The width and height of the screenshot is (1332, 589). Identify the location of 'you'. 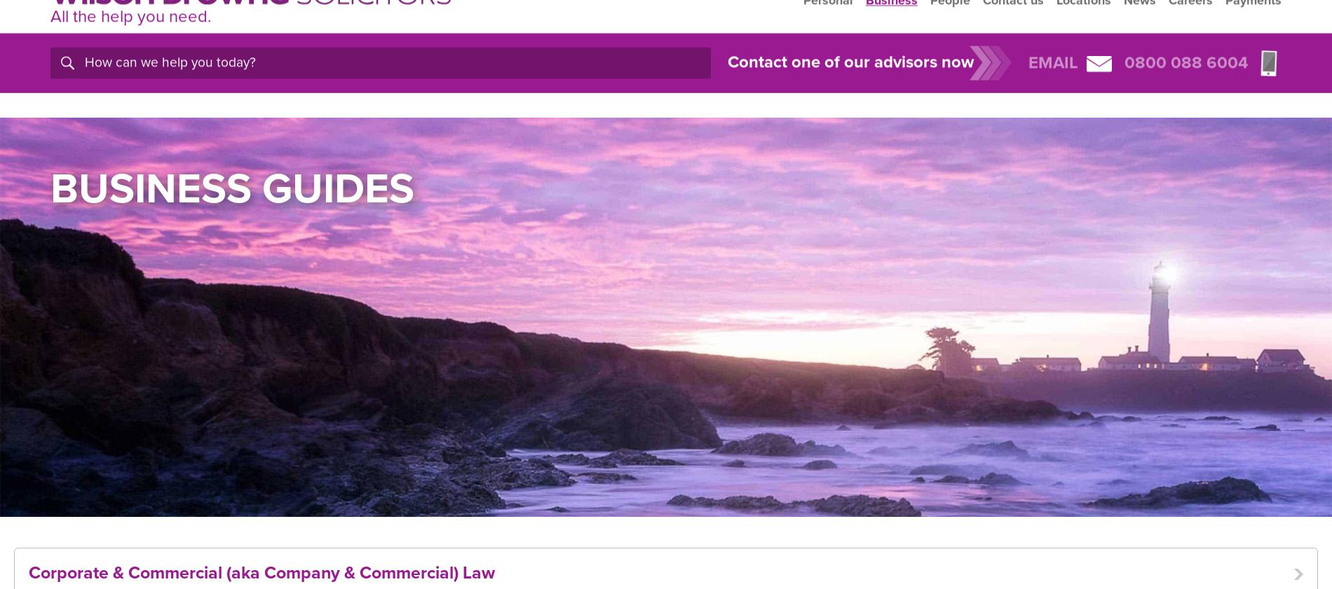
(137, 48).